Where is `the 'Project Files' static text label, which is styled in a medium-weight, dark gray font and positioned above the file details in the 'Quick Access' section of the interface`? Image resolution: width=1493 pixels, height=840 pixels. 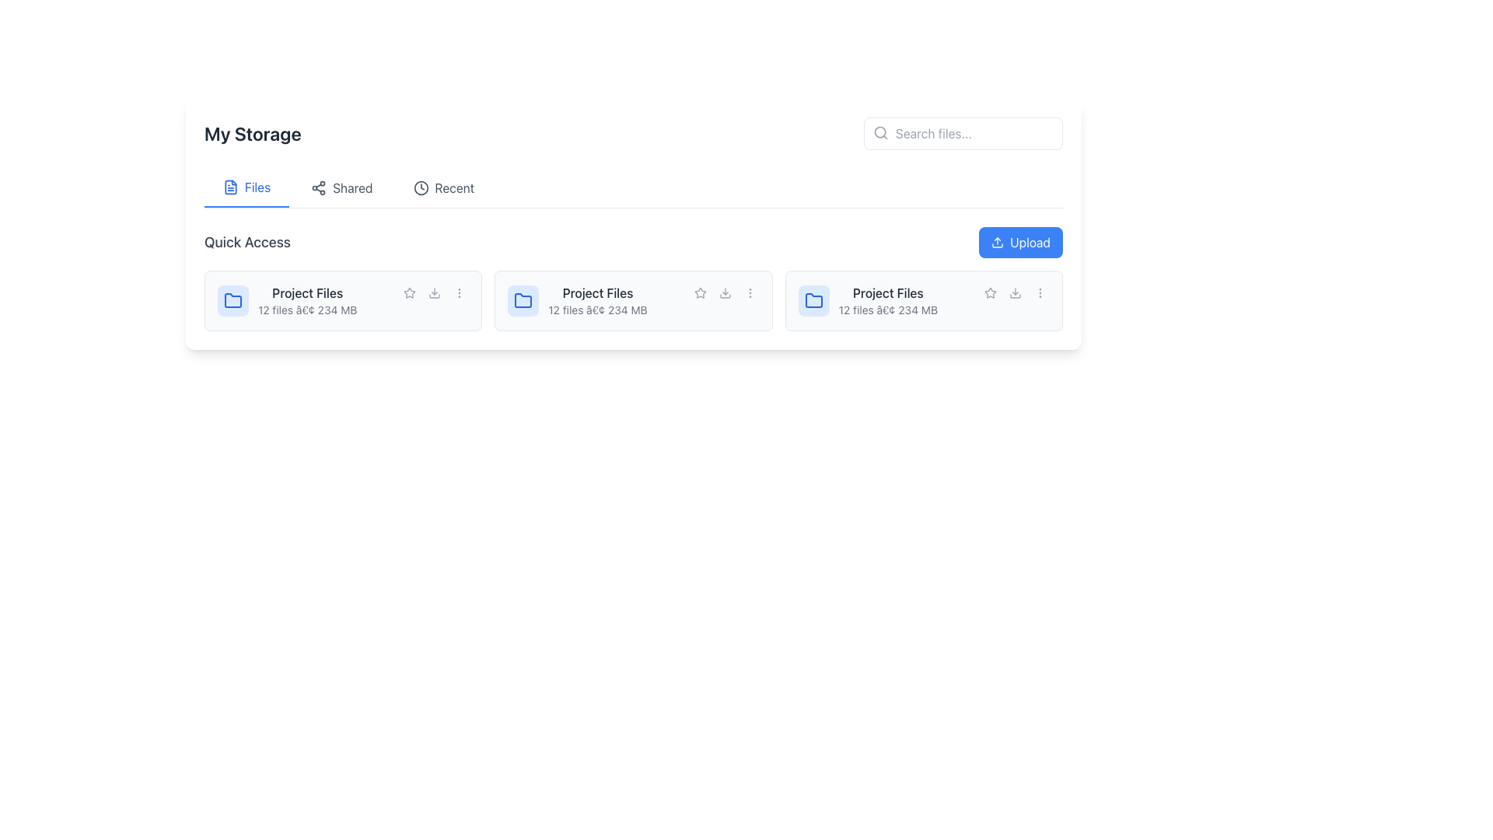 the 'Project Files' static text label, which is styled in a medium-weight, dark gray font and positioned above the file details in the 'Quick Access' section of the interface is located at coordinates (888, 293).